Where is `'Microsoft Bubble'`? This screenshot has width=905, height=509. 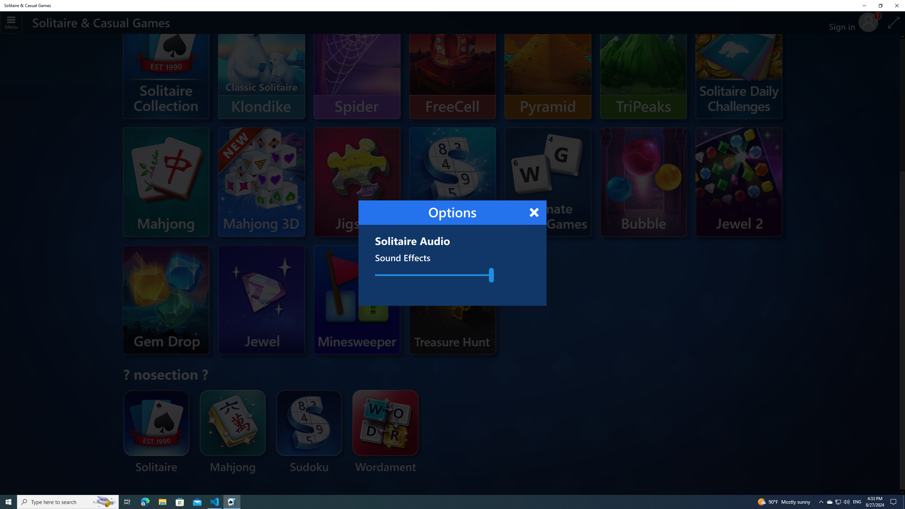 'Microsoft Bubble' is located at coordinates (643, 181).